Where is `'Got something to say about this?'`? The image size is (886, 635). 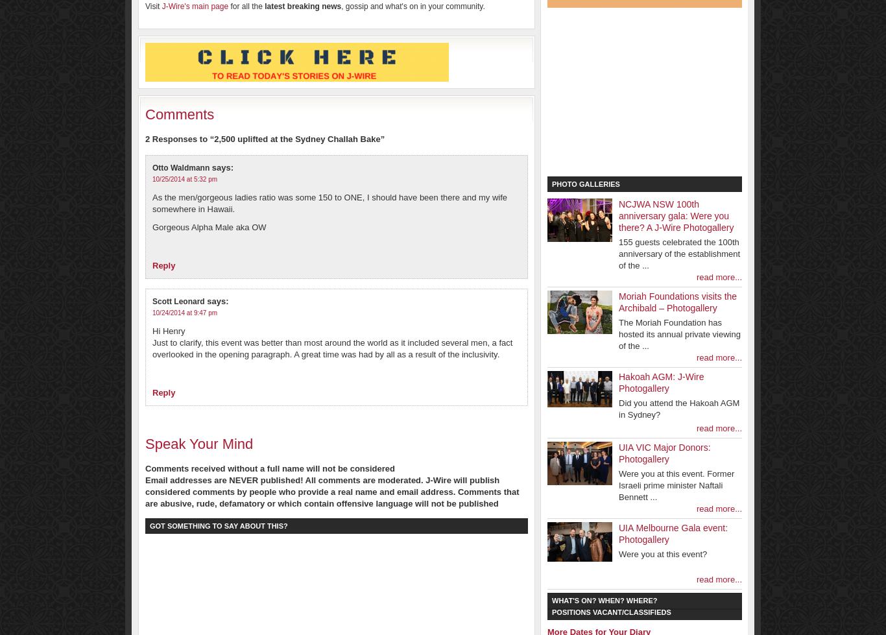
'Got something to say about this?' is located at coordinates (218, 525).